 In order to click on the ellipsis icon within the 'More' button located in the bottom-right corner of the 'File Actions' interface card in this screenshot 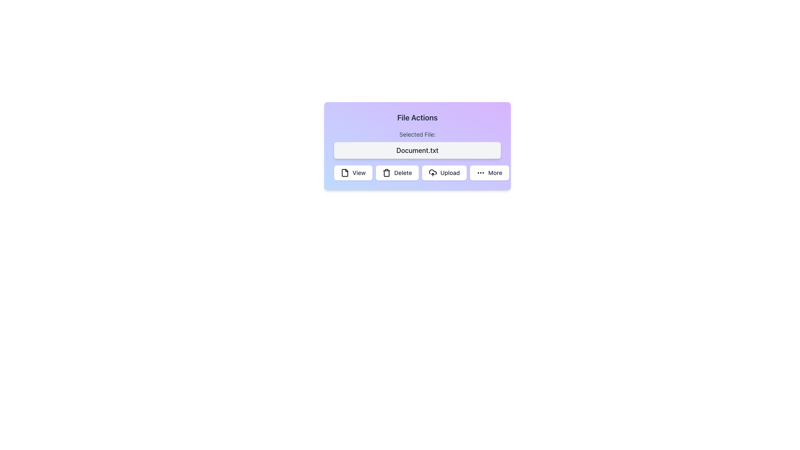, I will do `click(480, 172)`.